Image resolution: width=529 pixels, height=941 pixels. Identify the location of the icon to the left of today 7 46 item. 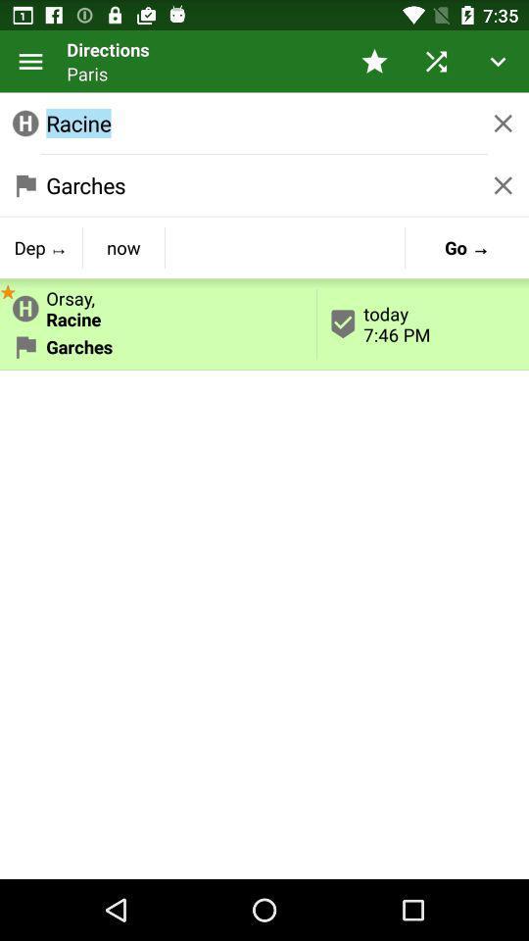
(157, 305).